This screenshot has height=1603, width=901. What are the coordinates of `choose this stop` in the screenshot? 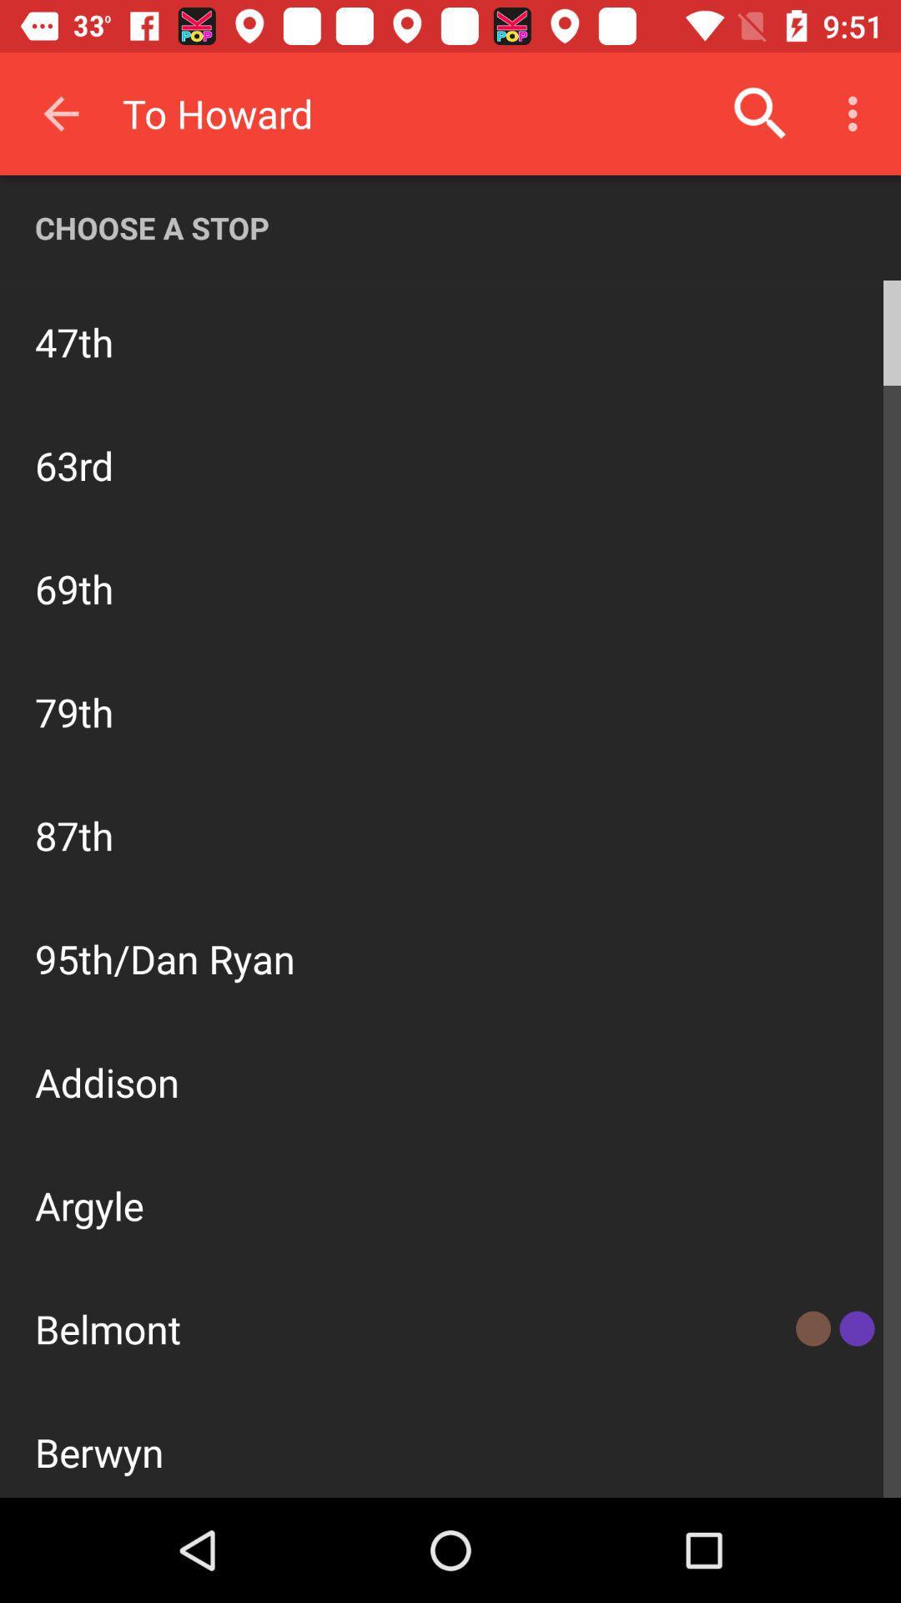 It's located at (803, 340).